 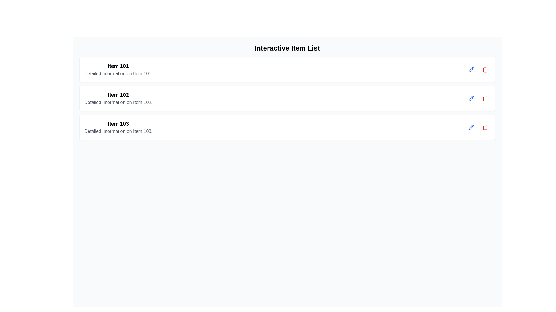 I want to click on the gray text label displaying 'Detailed information on Item 101', located beneath the heading 'Item 101', so click(x=118, y=73).